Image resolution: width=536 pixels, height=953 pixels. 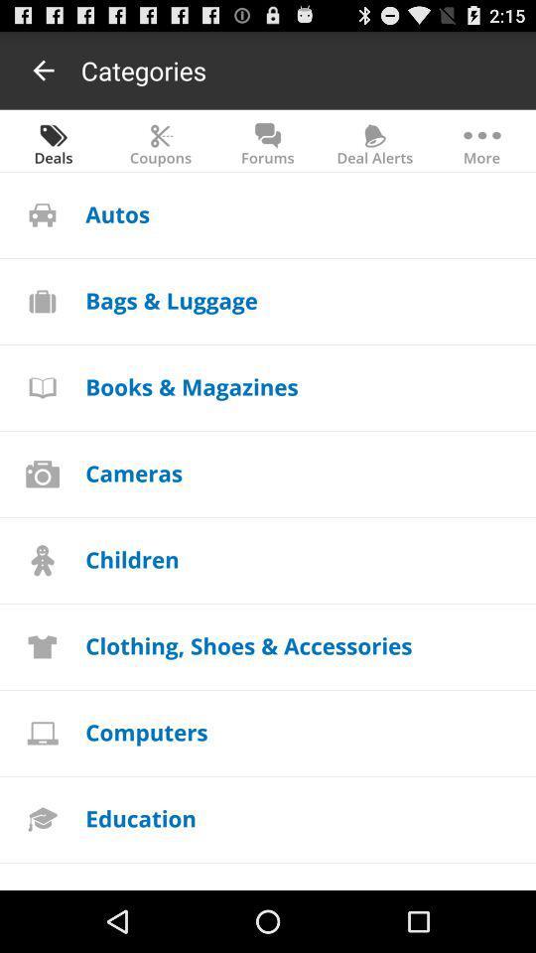 What do you see at coordinates (44, 69) in the screenshot?
I see `app to the left of categories` at bounding box center [44, 69].